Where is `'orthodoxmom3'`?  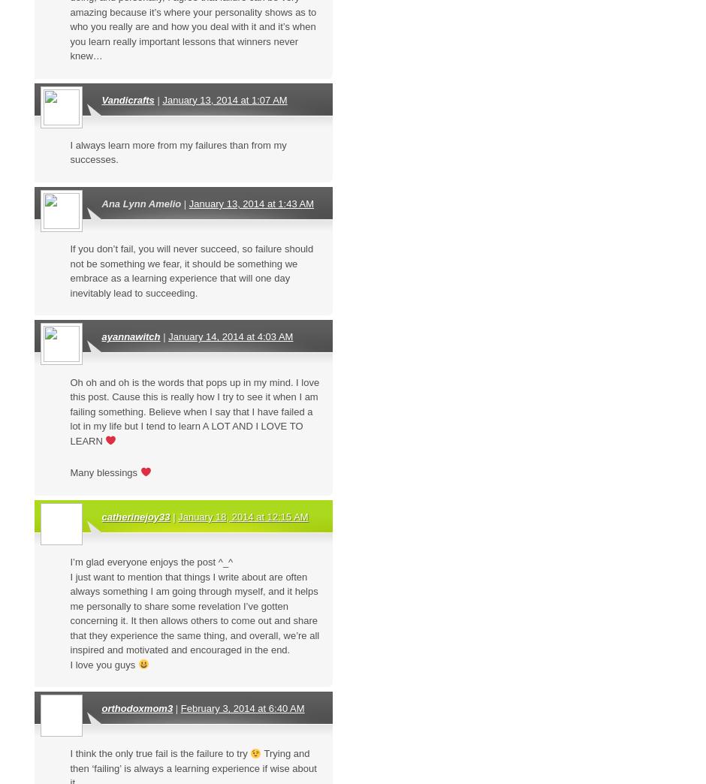
'orthodoxmom3' is located at coordinates (137, 707).